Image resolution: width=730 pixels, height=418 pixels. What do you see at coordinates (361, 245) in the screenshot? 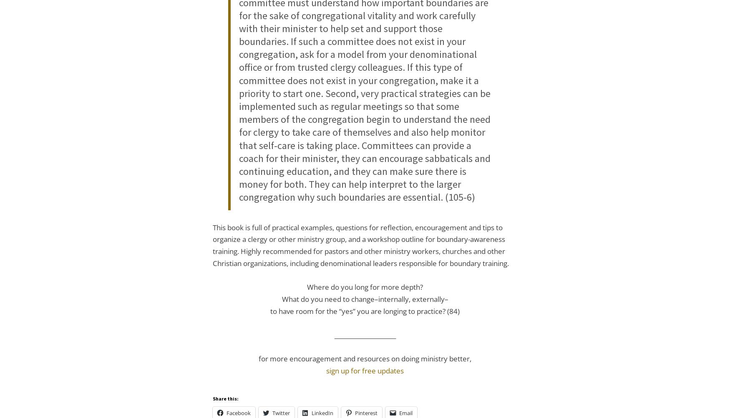
I see `'This book is full of practical examples, questions for reflection, encouragement and tips to organize a clergy or other ministry group, and a workshop outline for boundary-awareness training. Highly recommended for pastors and other ministry workers, churches and other Christian organizations, including denominational leaders responsible for boundary training.'` at bounding box center [361, 245].